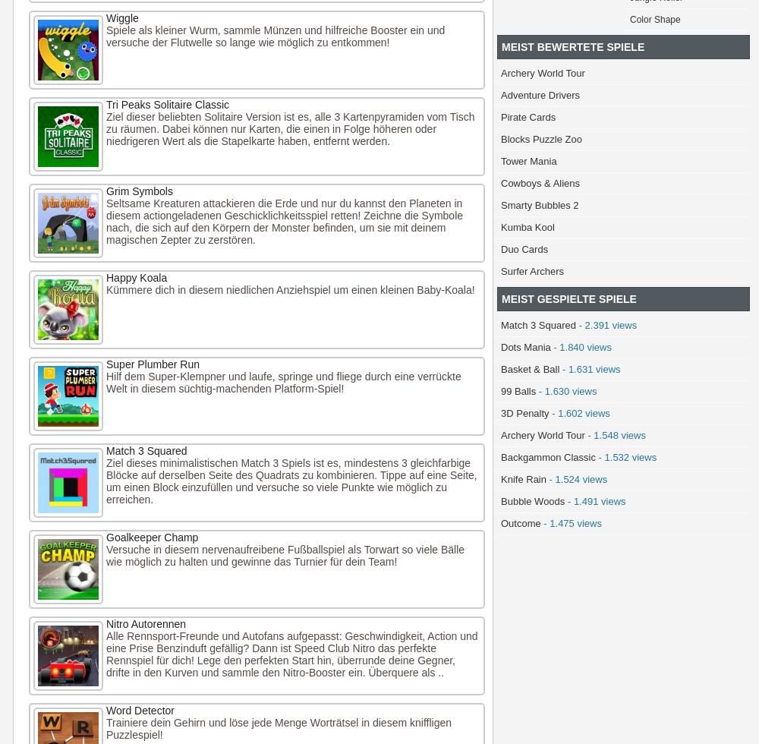  What do you see at coordinates (625, 457) in the screenshot?
I see `'- 1.532 views'` at bounding box center [625, 457].